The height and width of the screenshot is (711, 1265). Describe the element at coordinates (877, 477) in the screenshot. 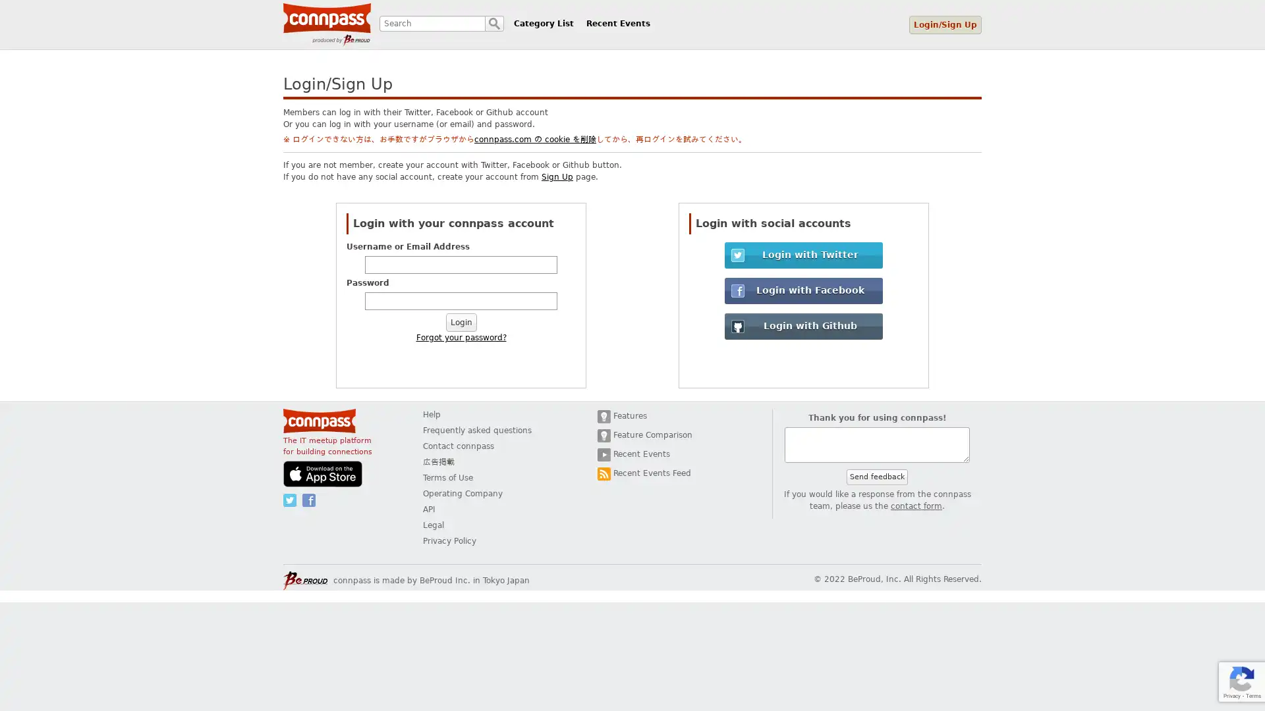

I see `Send feedback` at that location.